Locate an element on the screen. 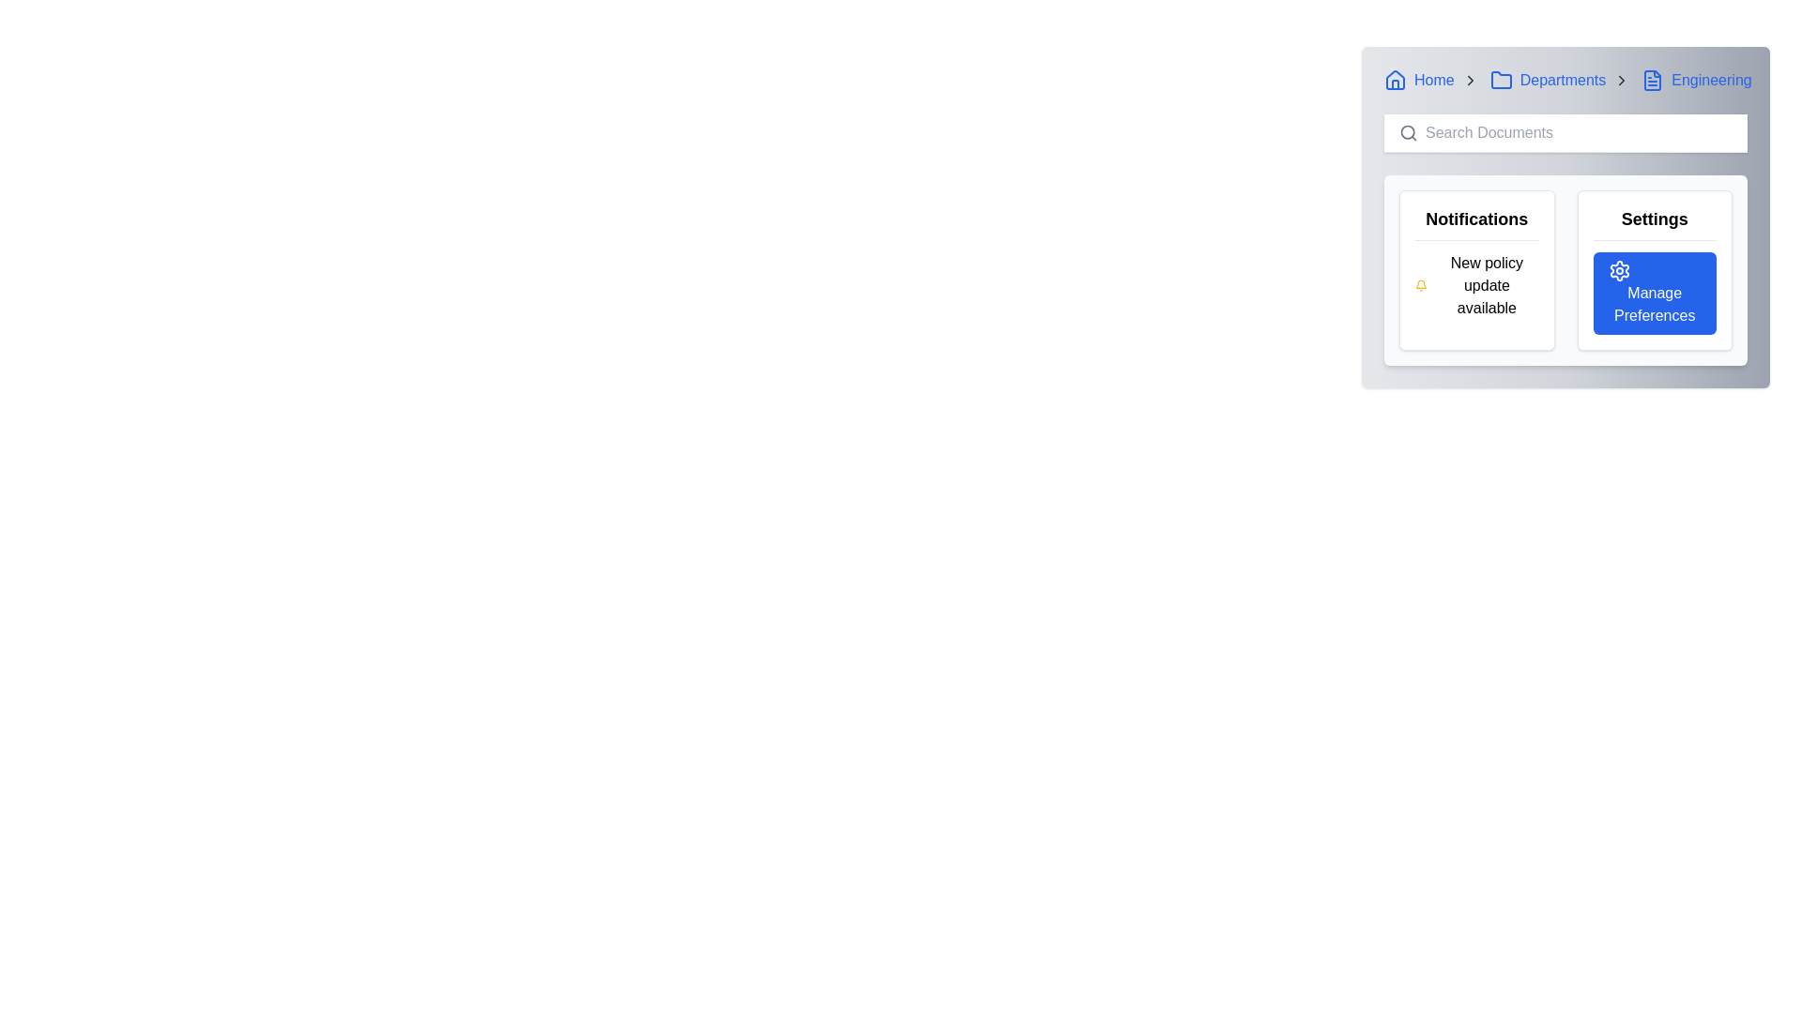 The image size is (1802, 1013). the second chevron icon in the breadcrumb navigation, which serves as a separator and directional indicator between 'Departments' and 'Engineering' is located at coordinates (1621, 79).